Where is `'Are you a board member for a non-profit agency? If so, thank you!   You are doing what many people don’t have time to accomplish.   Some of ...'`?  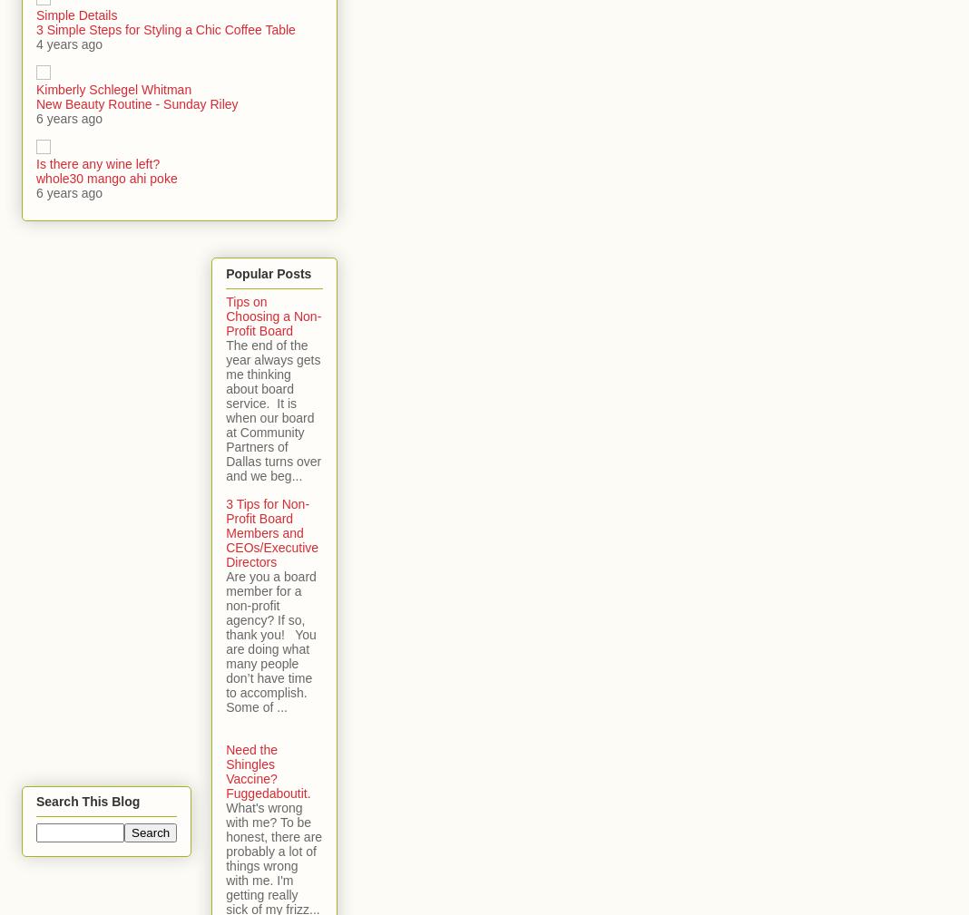
'Are you a board member for a non-profit agency? If so, thank you!   You are doing what many people don’t have time to accomplish.   Some of ...' is located at coordinates (269, 641).